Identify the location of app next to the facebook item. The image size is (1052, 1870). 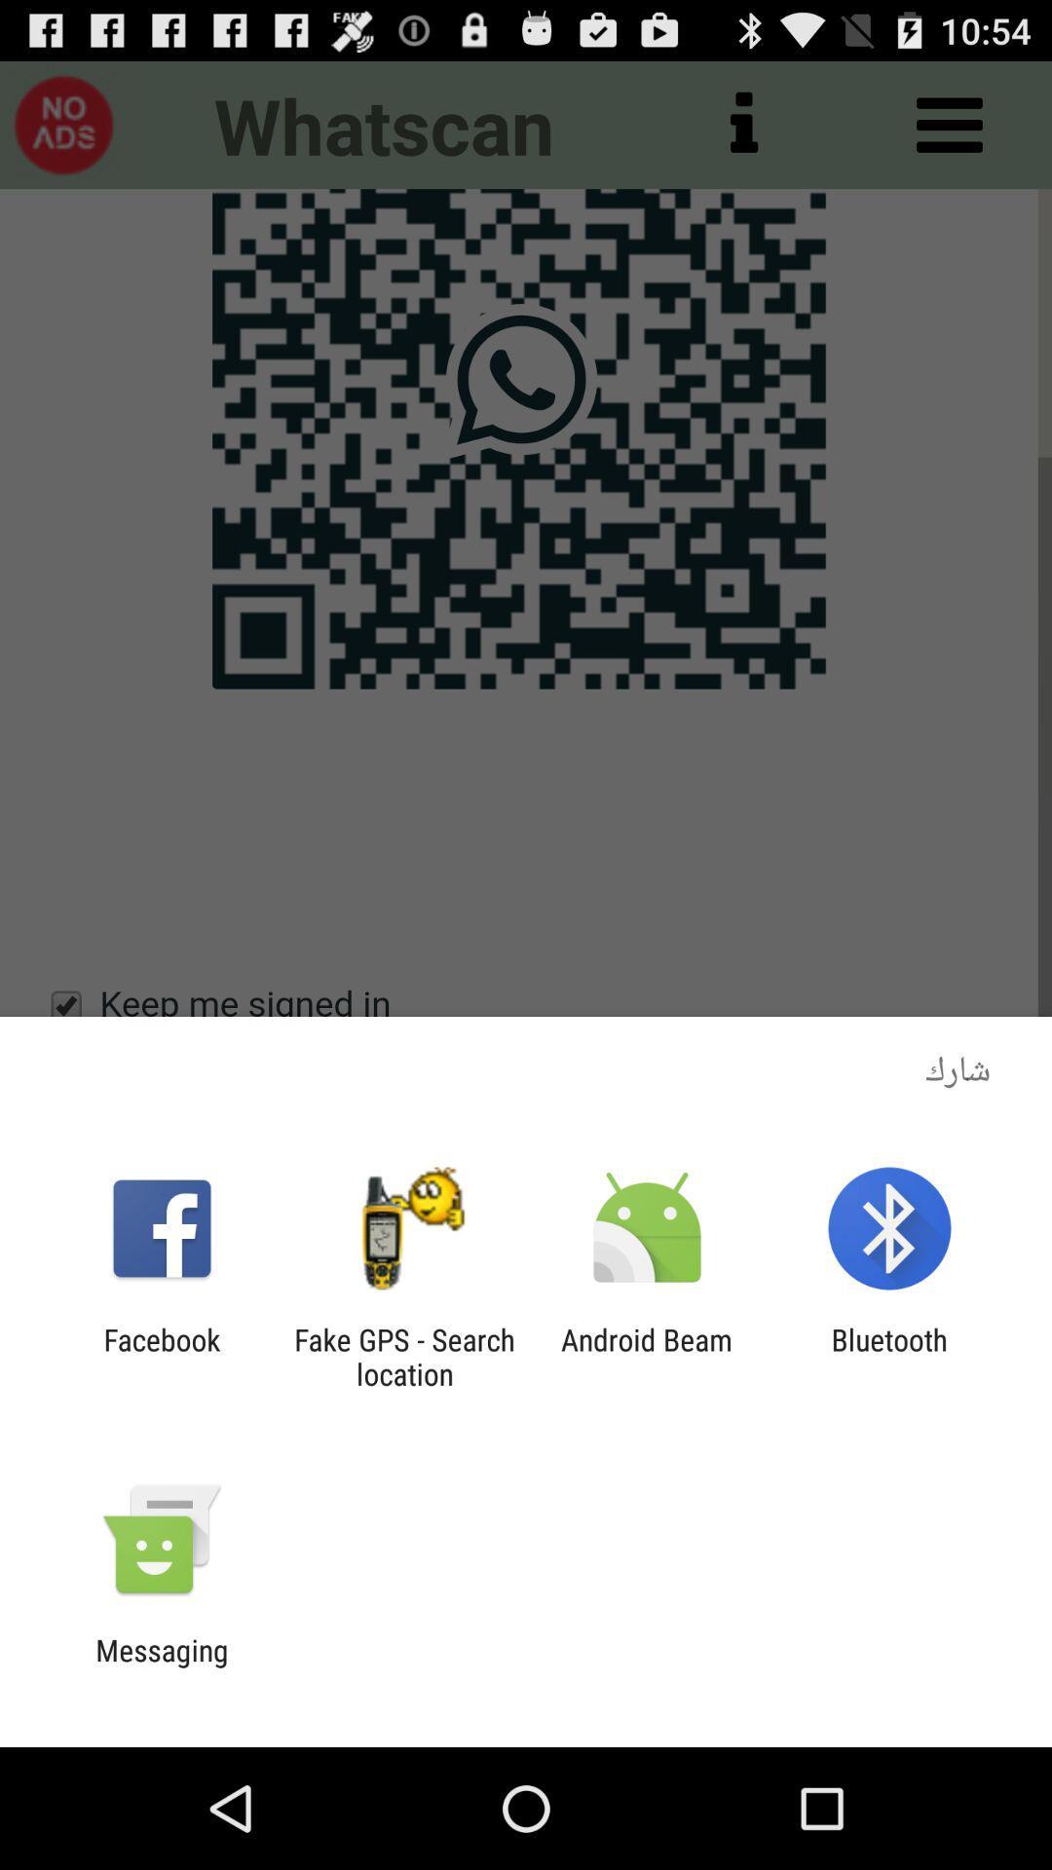
(403, 1356).